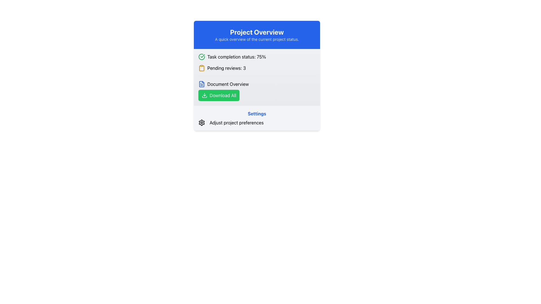 Image resolution: width=541 pixels, height=304 pixels. I want to click on the 'Download All' button which is visually represented by a download SVG icon located on its left side, positioned in the bottom half of the main interface card, so click(204, 95).